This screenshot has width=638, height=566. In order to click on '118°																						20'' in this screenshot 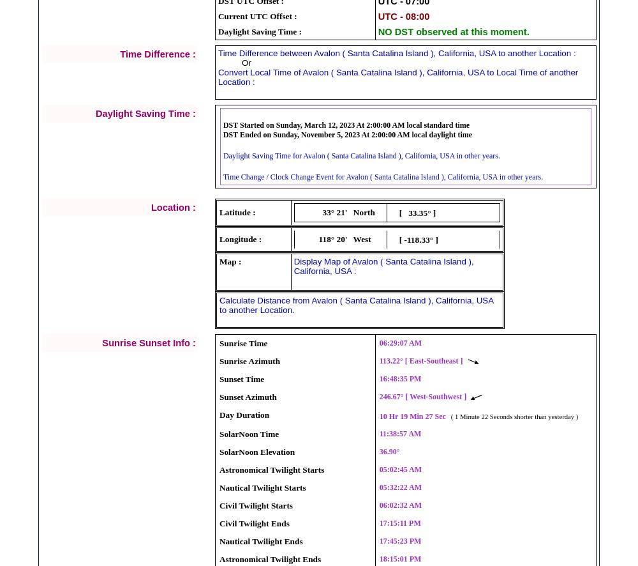, I will do `click(332, 238)`.